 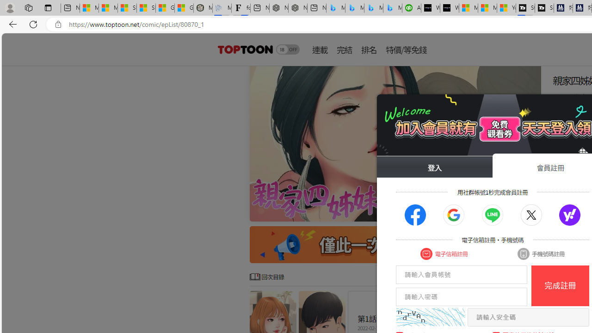 I want to click on 'Accounting Software for Accountants, CPAs and Bookkeepers', so click(x=411, y=8).